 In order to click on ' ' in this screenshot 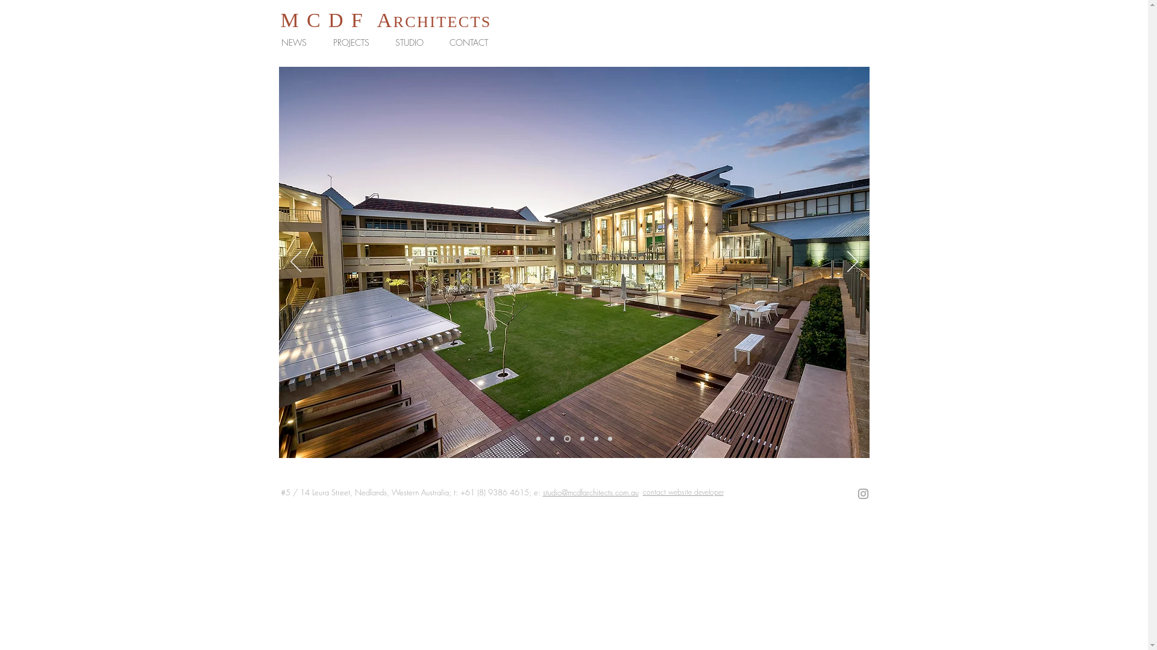, I will do `click(363, 20)`.